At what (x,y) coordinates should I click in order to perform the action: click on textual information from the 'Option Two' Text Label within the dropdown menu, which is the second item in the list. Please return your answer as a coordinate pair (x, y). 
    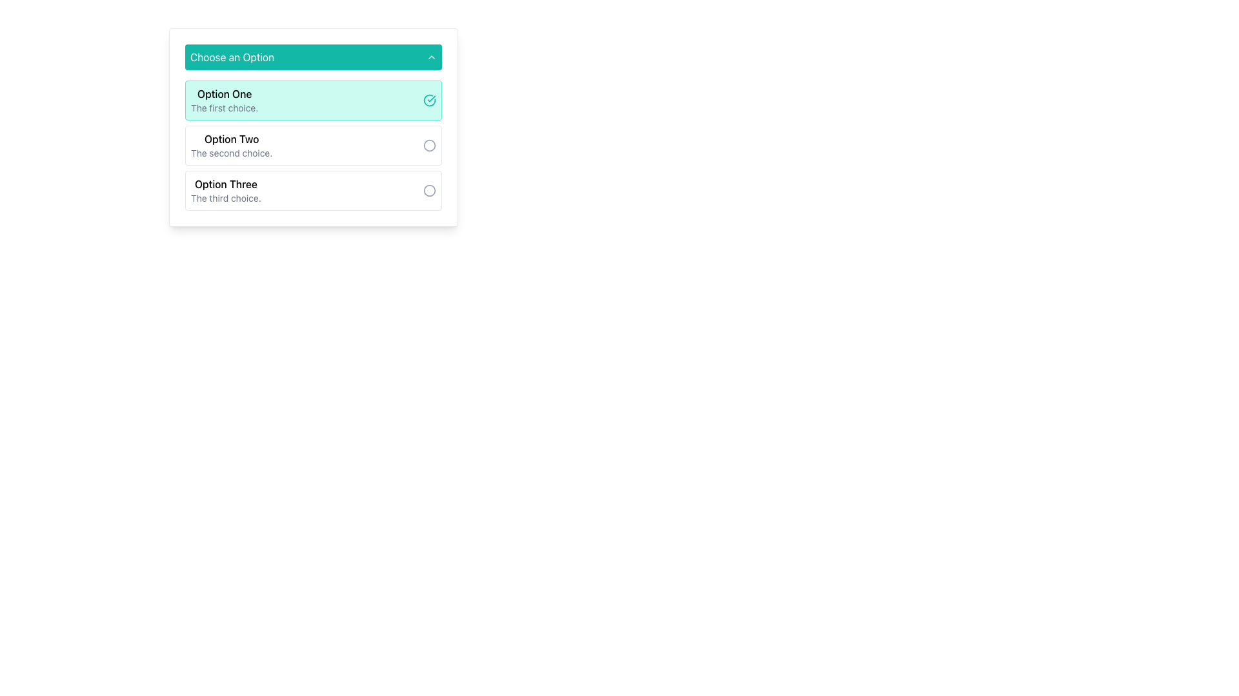
    Looking at the image, I should click on (232, 145).